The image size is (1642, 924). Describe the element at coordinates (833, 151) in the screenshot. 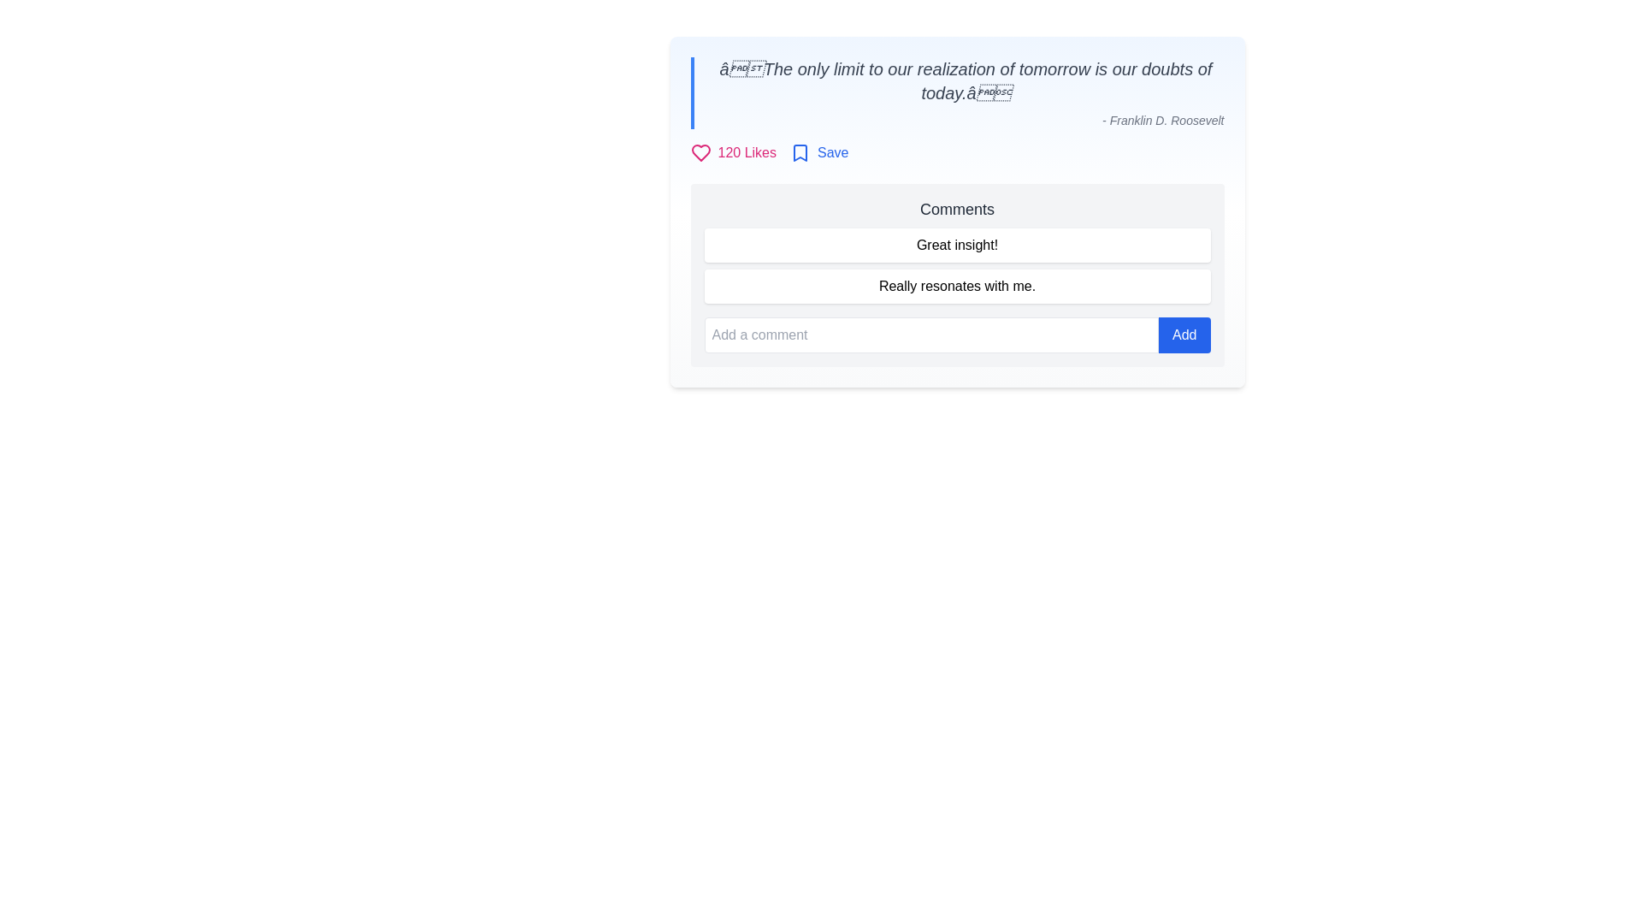

I see `the text label for the save action, which is located at the top part of the interface, aligned with a bookmark icon to its left` at that location.